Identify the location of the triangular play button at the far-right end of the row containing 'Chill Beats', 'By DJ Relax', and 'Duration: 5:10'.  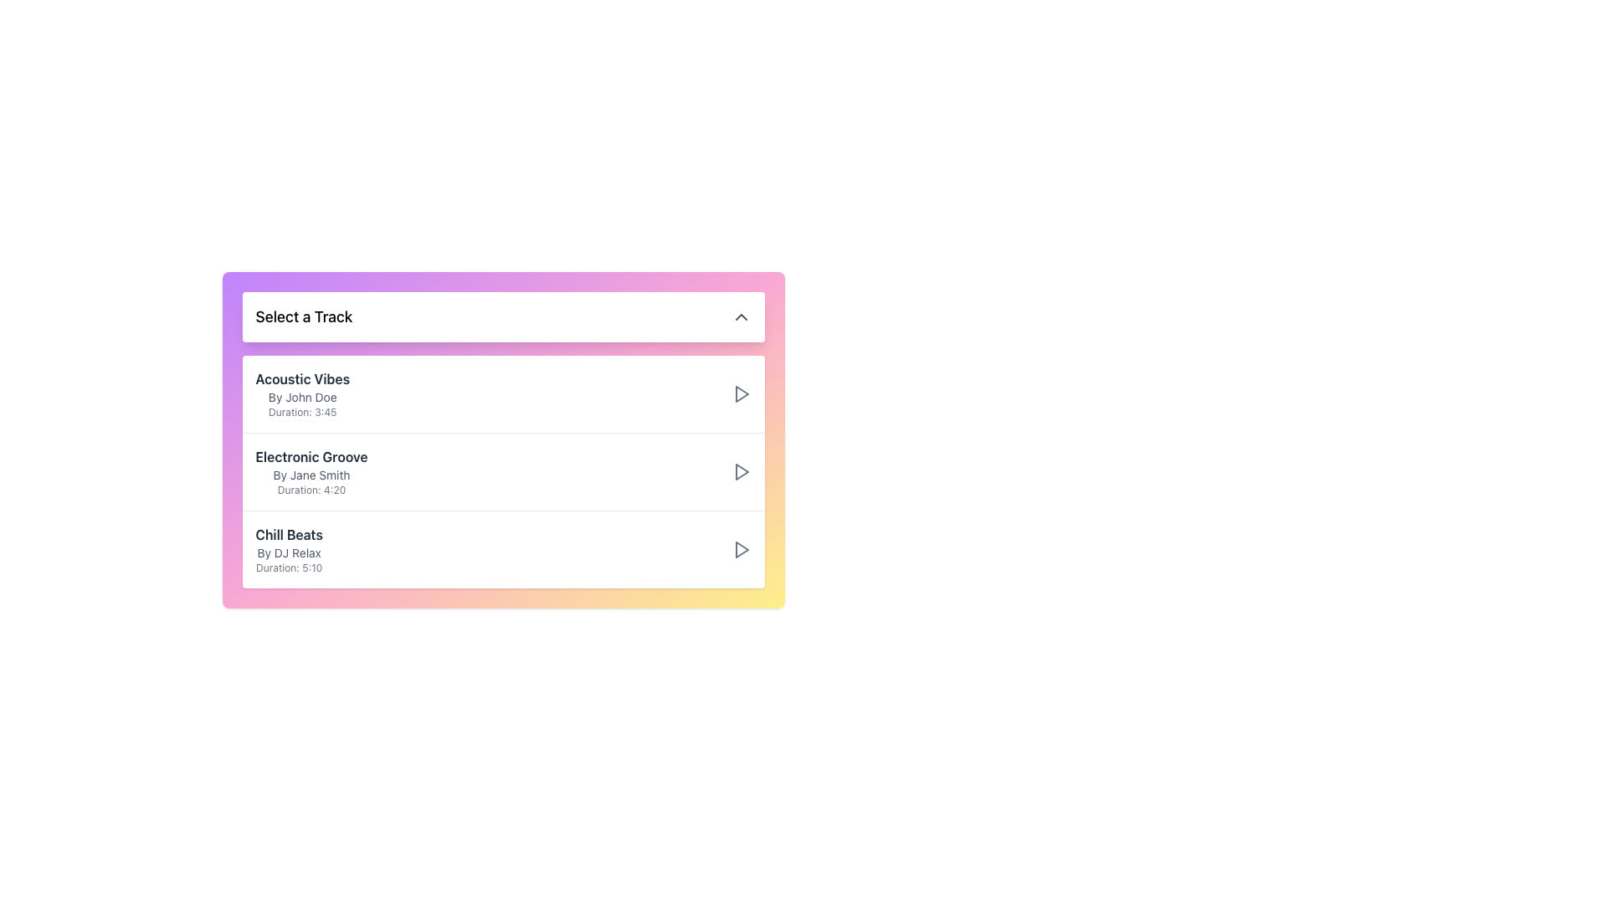
(740, 549).